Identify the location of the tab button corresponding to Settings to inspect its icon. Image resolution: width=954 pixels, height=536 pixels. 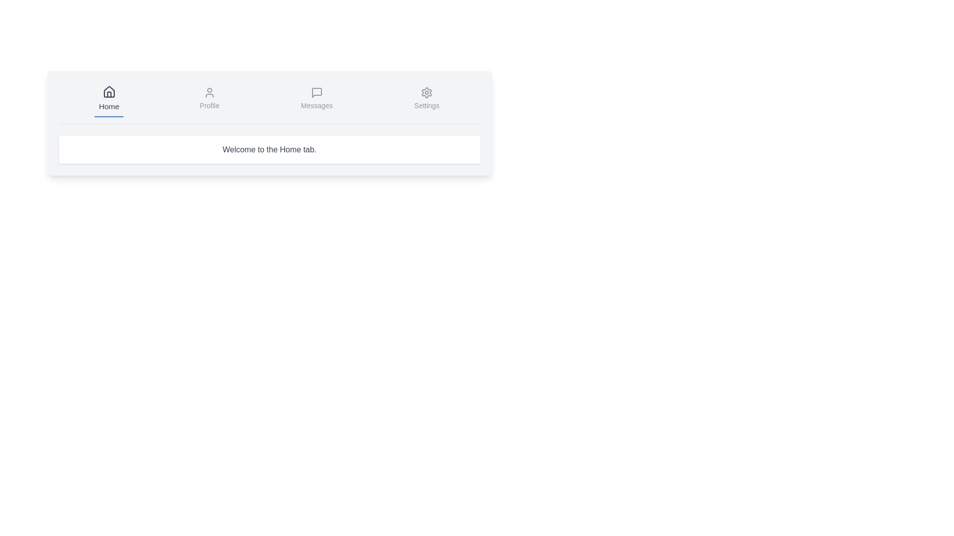
(427, 99).